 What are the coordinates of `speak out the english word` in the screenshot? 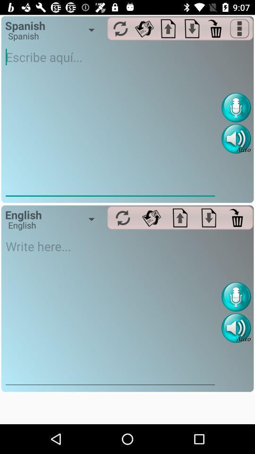 It's located at (236, 328).